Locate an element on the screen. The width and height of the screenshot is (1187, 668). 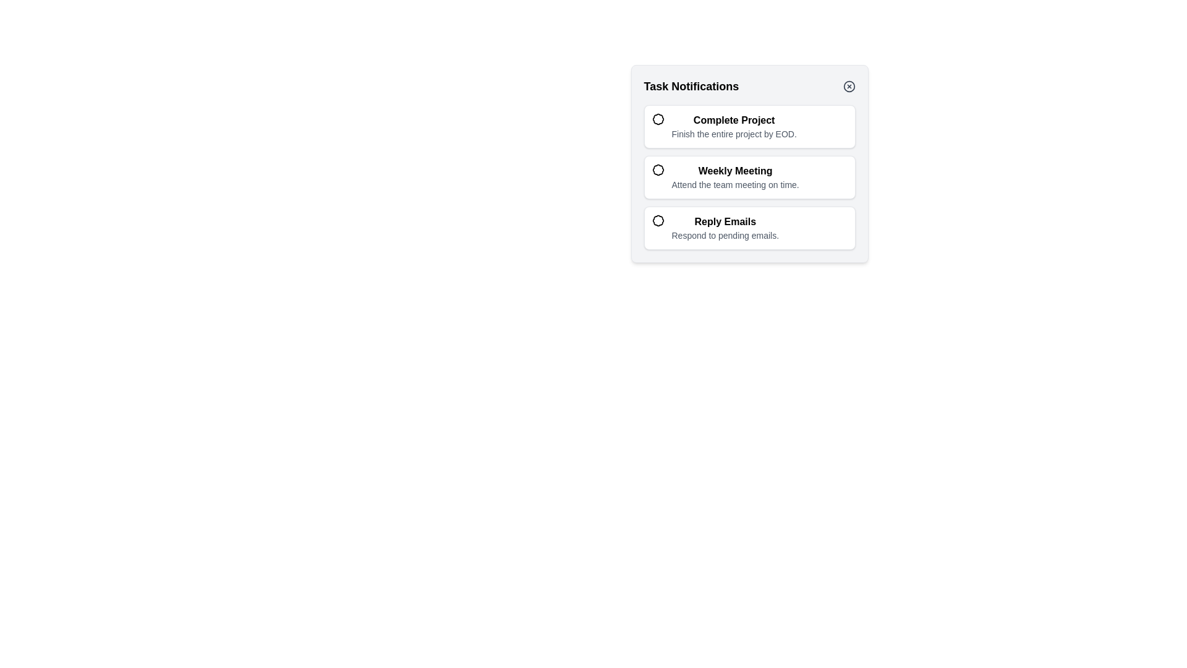
the high-priority badge icon located next to the 'Reply Emails' task in the vertical list of notifications is located at coordinates (657, 220).